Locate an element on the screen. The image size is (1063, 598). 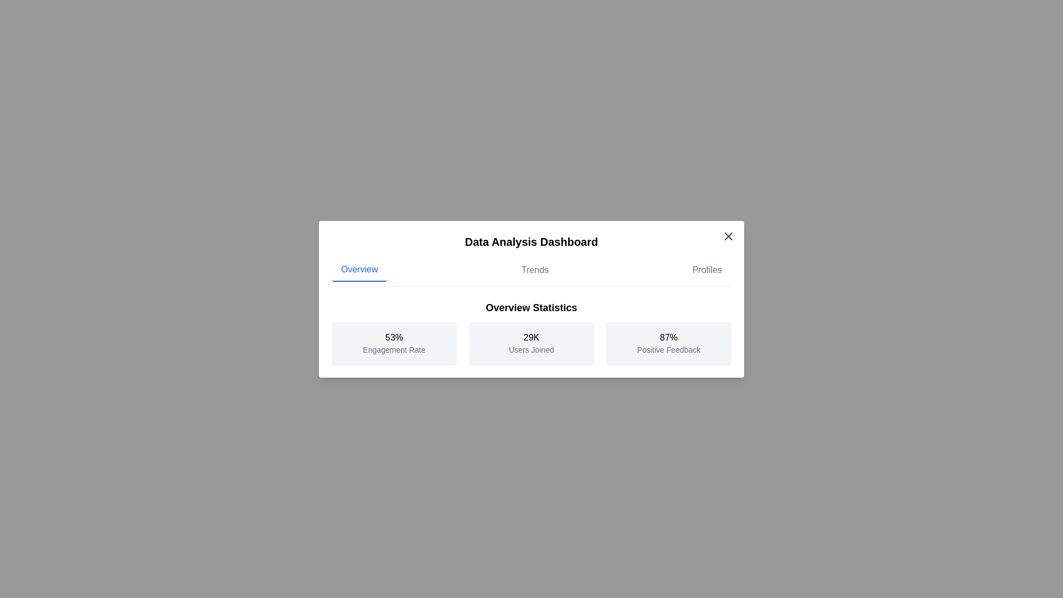
the Statistic Display Card that shows '29K Users Joined', located centrally in the grid below 'Overview Statistics' is located at coordinates (531, 342).